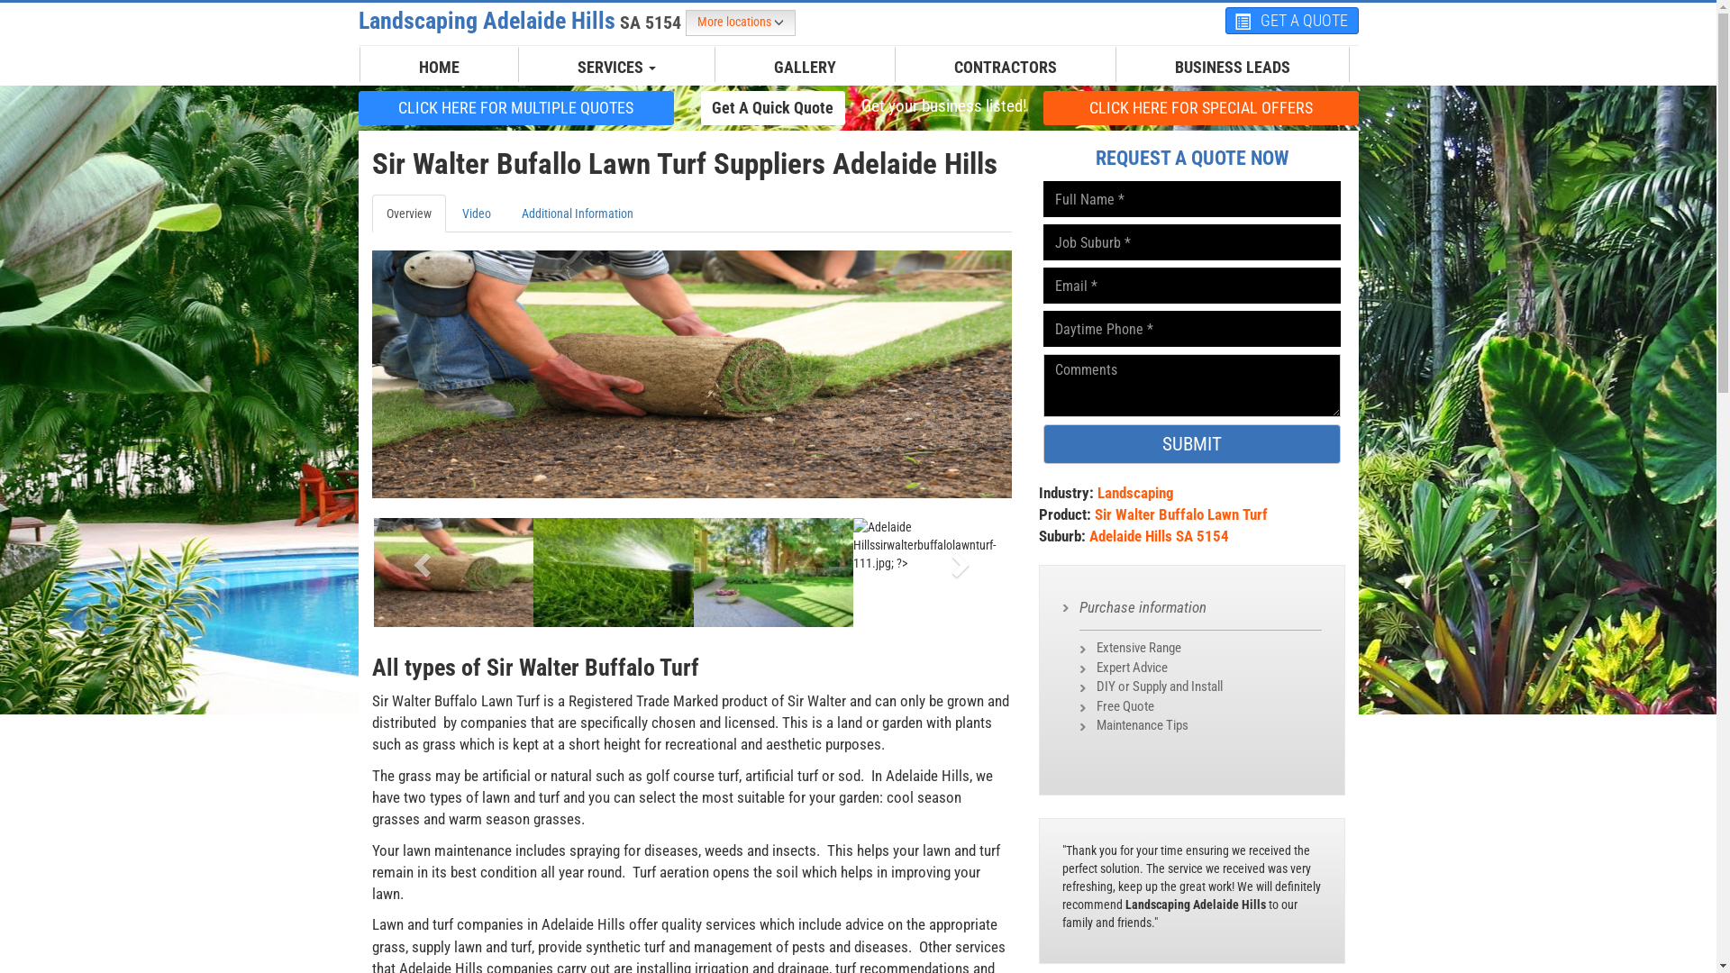  What do you see at coordinates (514, 107) in the screenshot?
I see `'CLICK HERE FOR MULTIPLE QUOTES'` at bounding box center [514, 107].